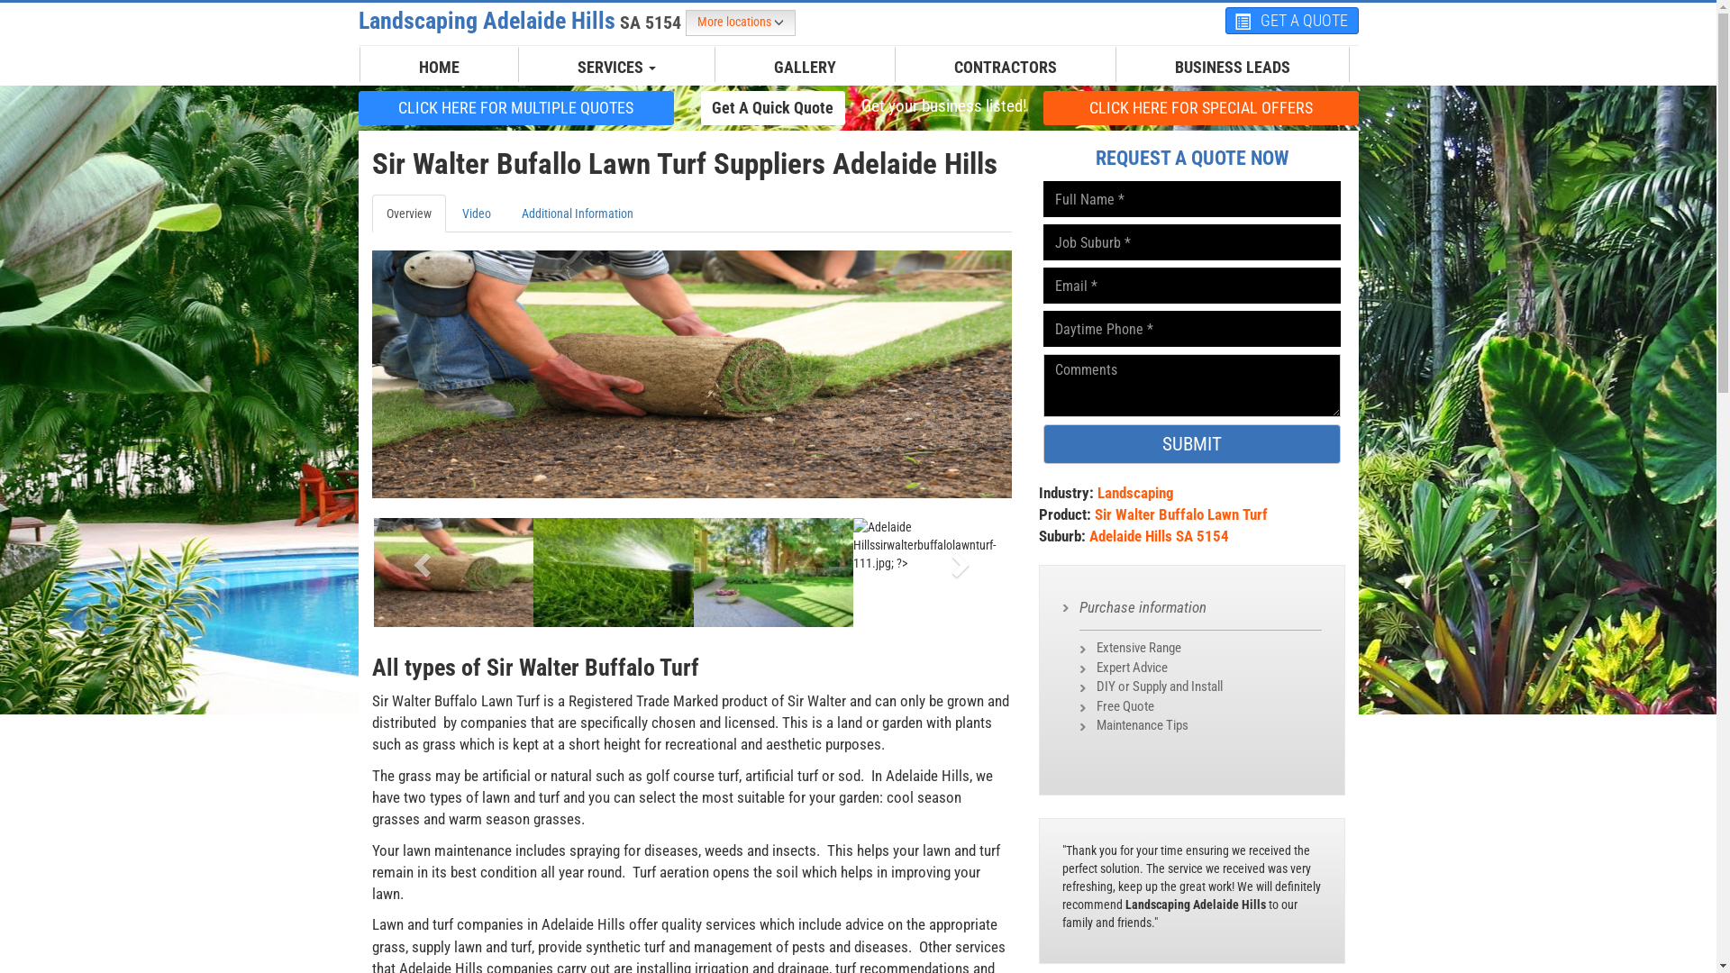  What do you see at coordinates (514, 107) in the screenshot?
I see `'CLICK HERE FOR MULTIPLE QUOTES'` at bounding box center [514, 107].